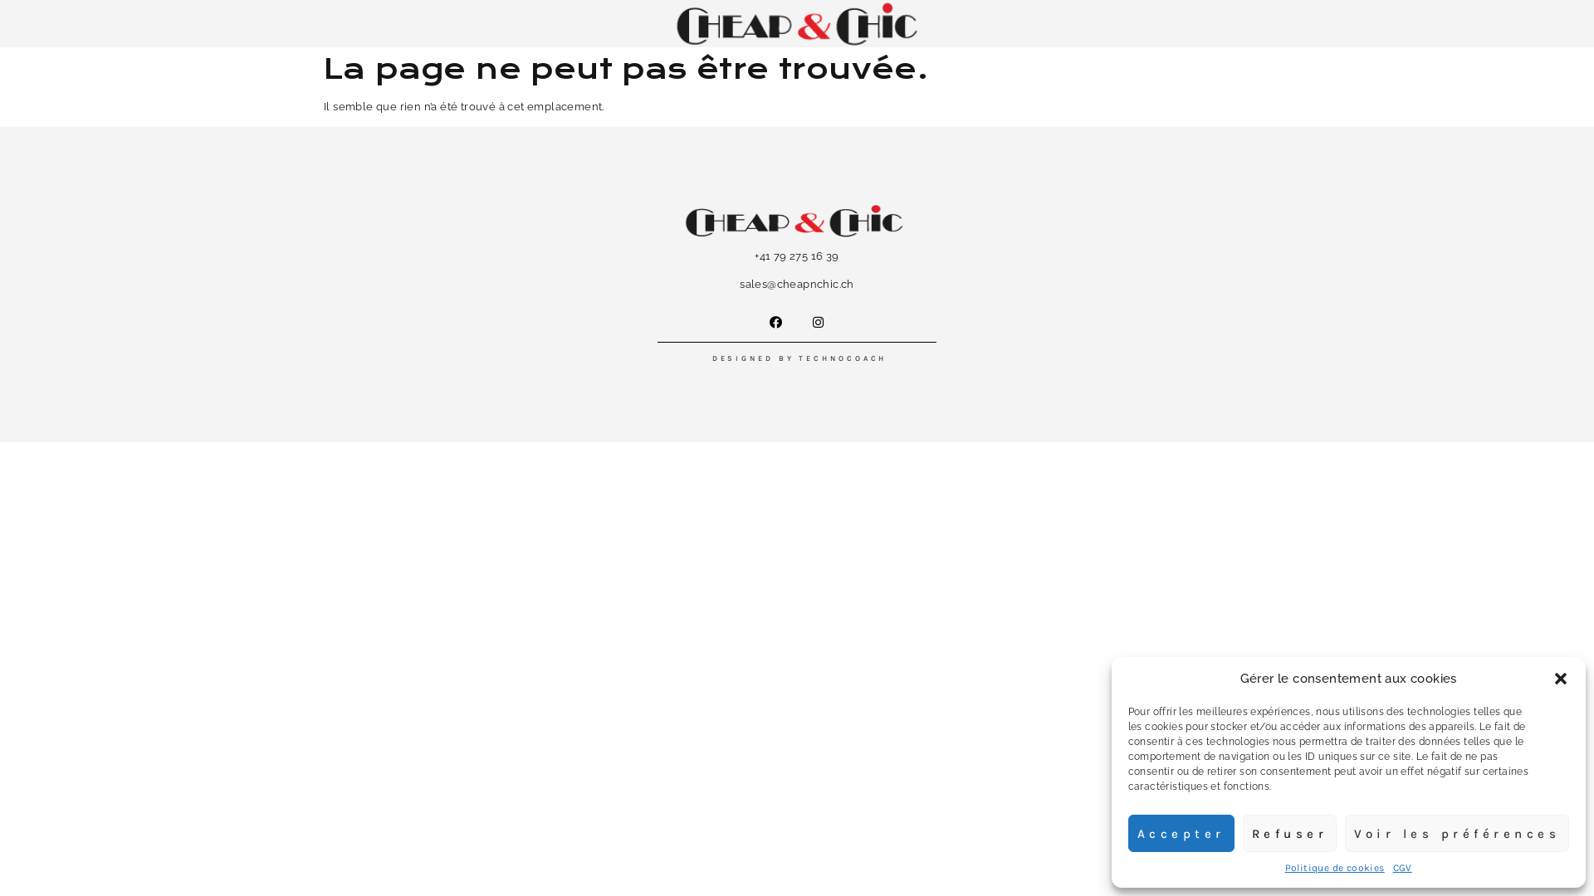 The width and height of the screenshot is (1594, 896). Describe the element at coordinates (1127, 833) in the screenshot. I see `'Accepter'` at that location.